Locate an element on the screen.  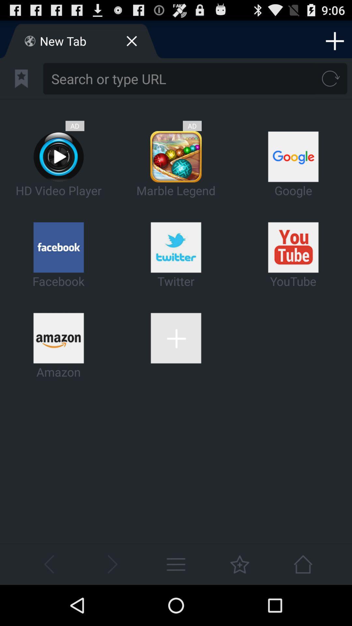
the add icon is located at coordinates (335, 43).